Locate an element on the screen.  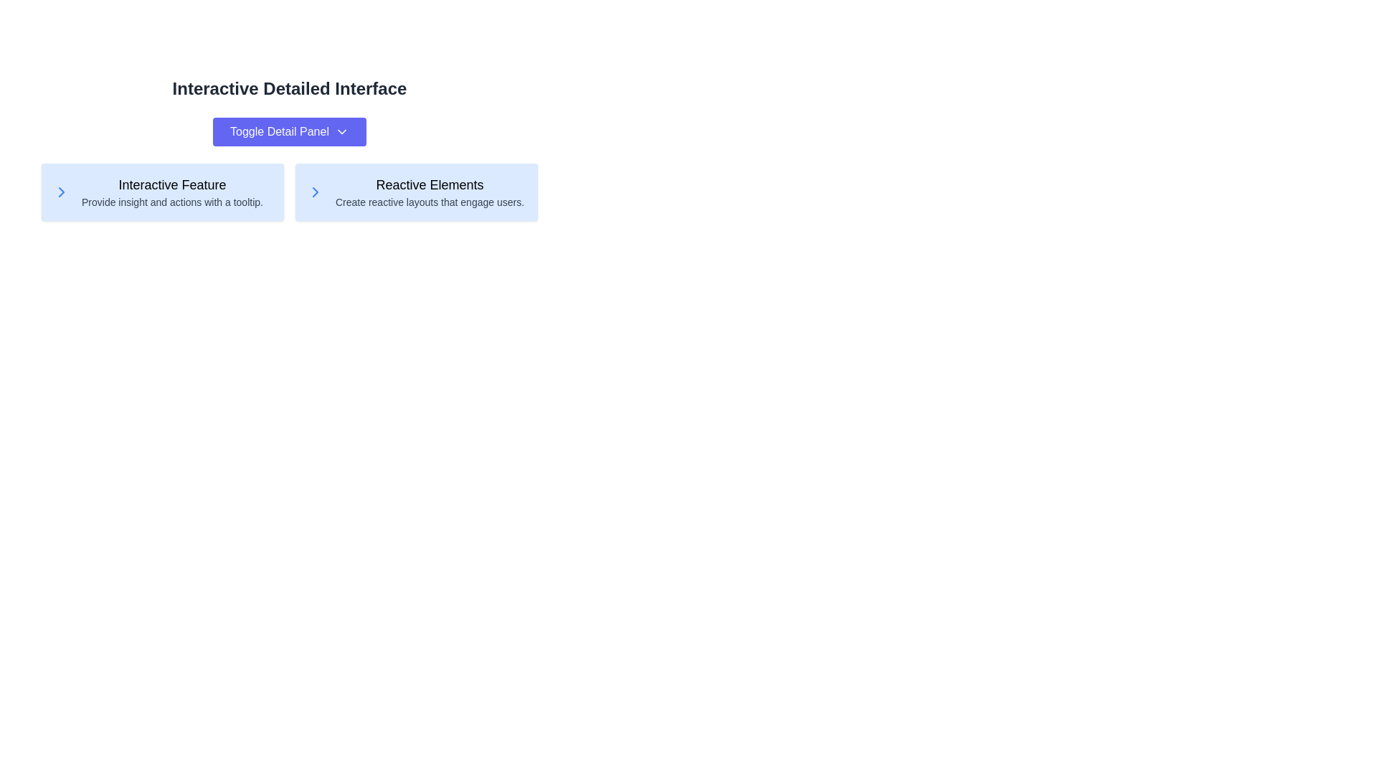
the button that activates the panel expansion or collapse action, located beneath the header 'Interactive Detailed Interface' is located at coordinates (288, 132).